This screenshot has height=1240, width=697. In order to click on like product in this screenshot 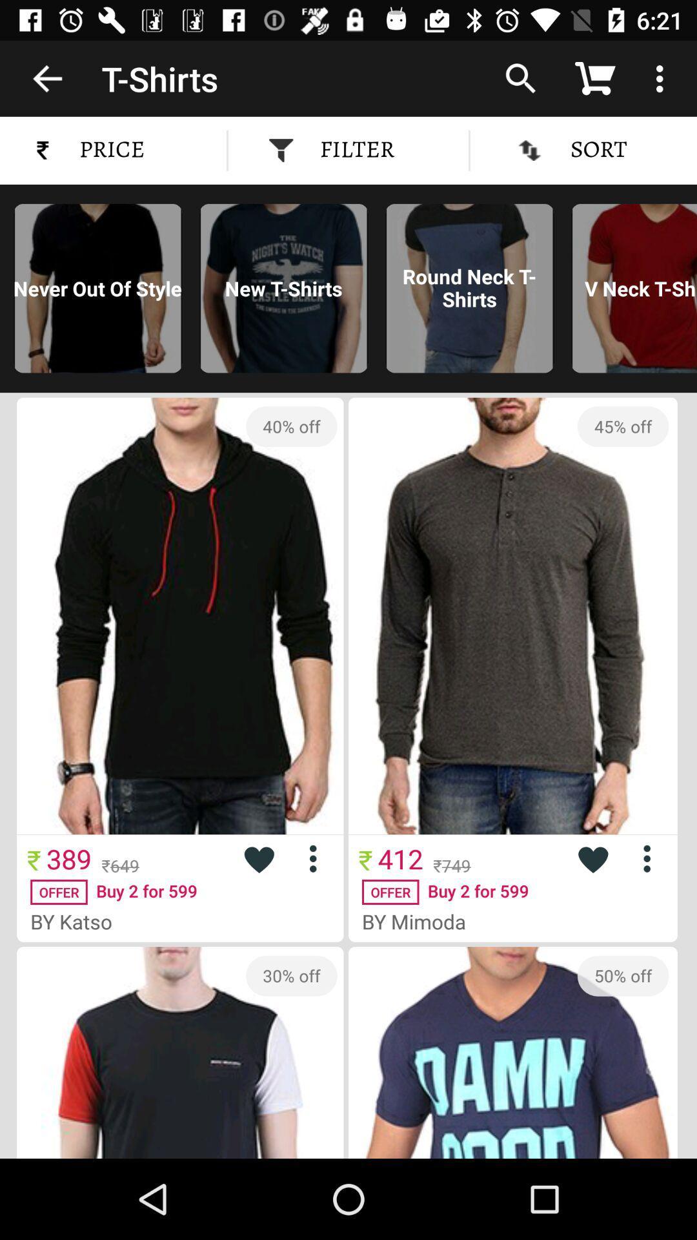, I will do `click(592, 858)`.